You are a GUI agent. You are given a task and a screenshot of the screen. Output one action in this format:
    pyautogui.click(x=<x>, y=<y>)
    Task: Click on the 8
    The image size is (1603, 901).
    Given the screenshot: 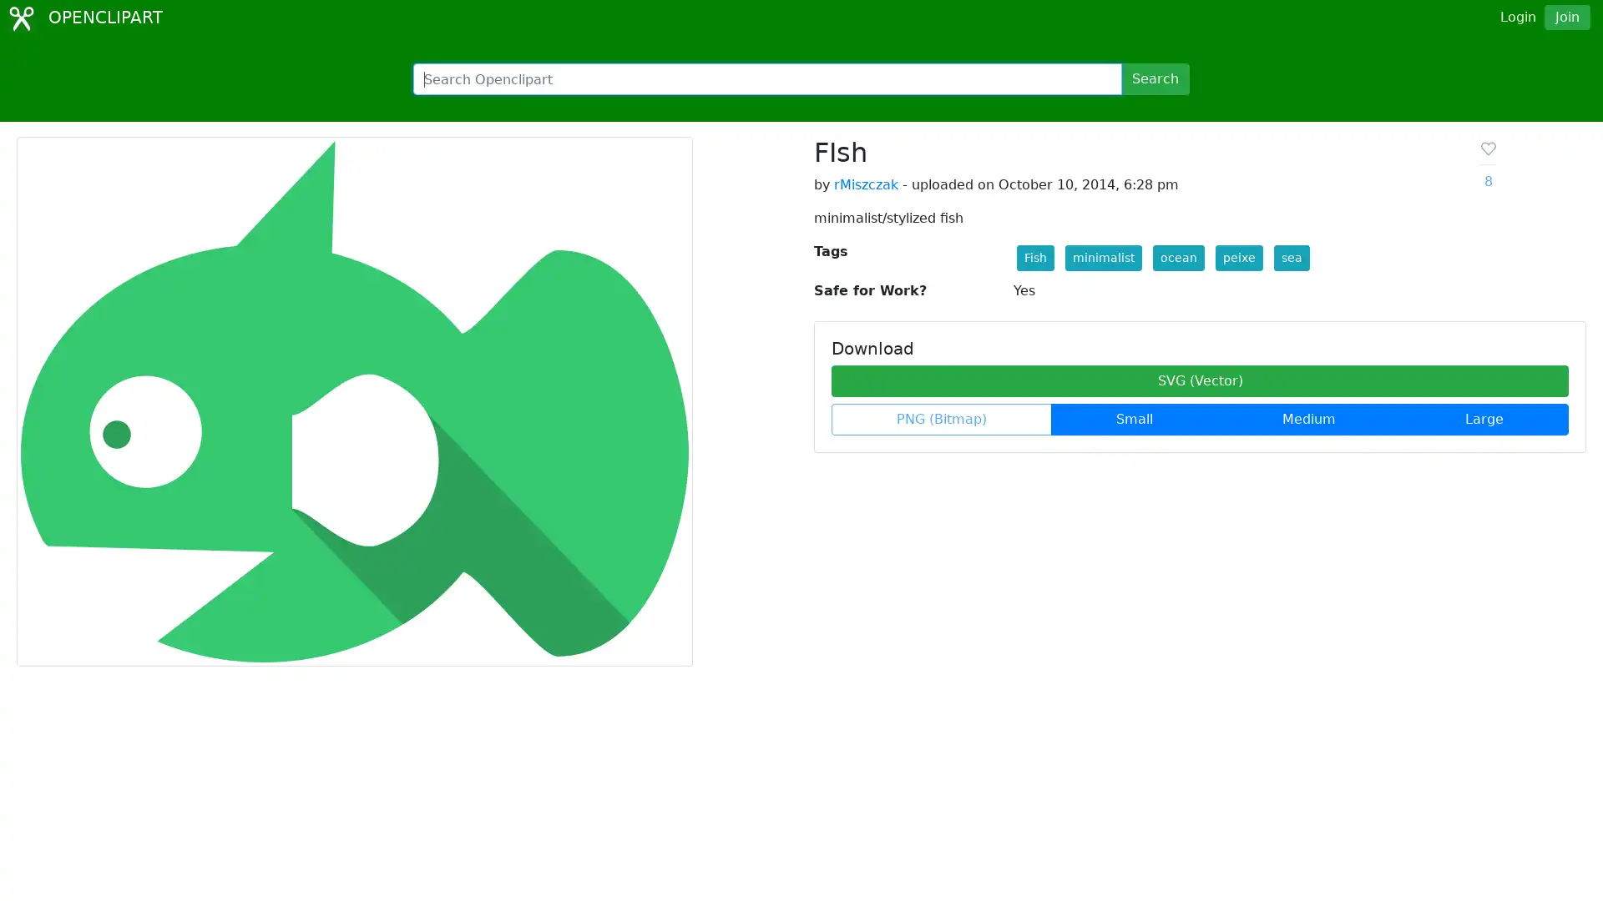 What is the action you would take?
    pyautogui.click(x=1487, y=164)
    